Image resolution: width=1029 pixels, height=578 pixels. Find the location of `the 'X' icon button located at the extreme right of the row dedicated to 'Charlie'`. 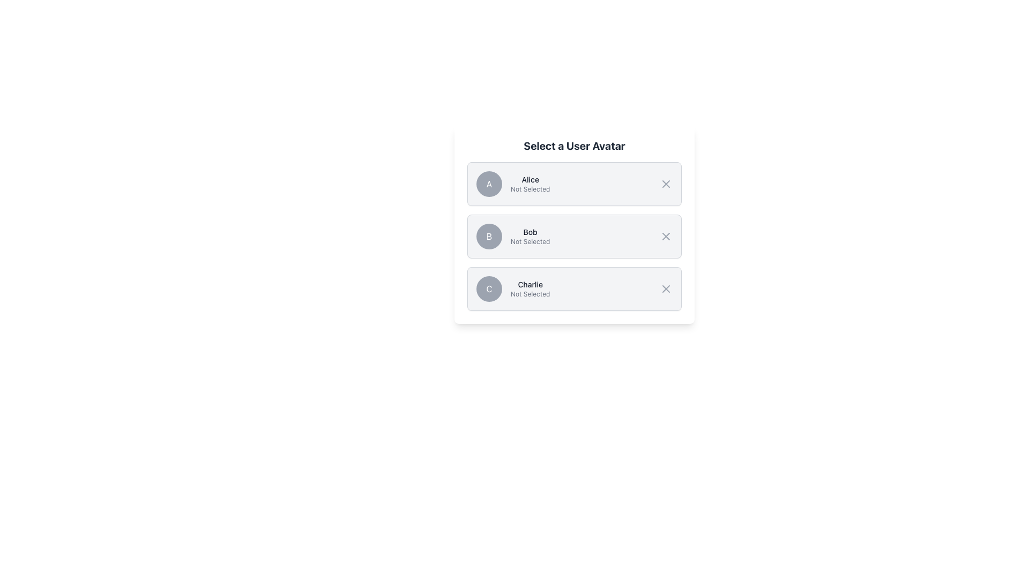

the 'X' icon button located at the extreme right of the row dedicated to 'Charlie' is located at coordinates (666, 289).